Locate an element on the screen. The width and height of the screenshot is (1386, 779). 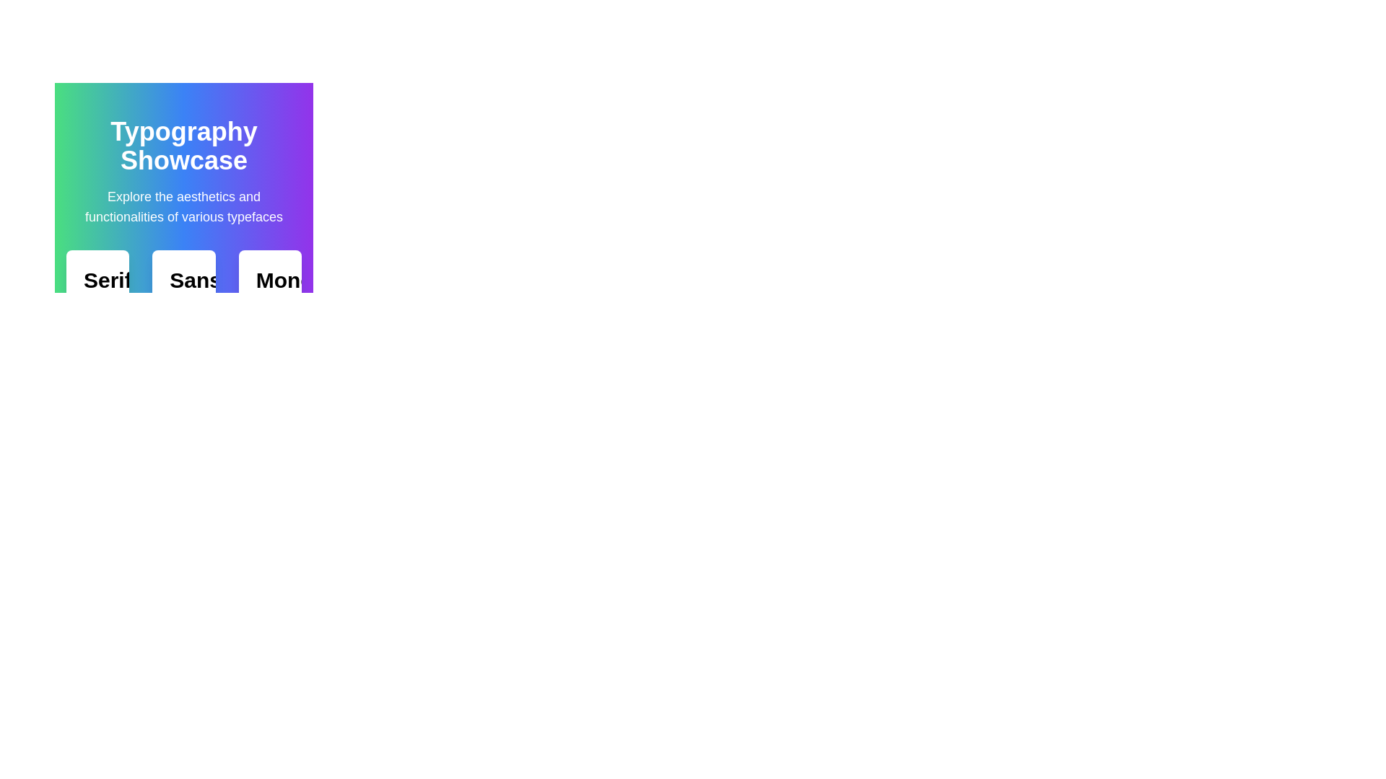
bold, large-font heading text 'Typography Showcase' that is centrally aligned in the header section with a colorful gradient background is located at coordinates (183, 146).